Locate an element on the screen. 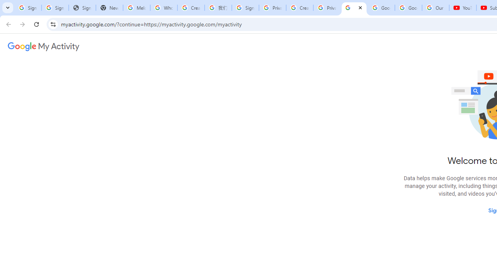 The width and height of the screenshot is (497, 279). 'Create your Google Account' is located at coordinates (191, 8).